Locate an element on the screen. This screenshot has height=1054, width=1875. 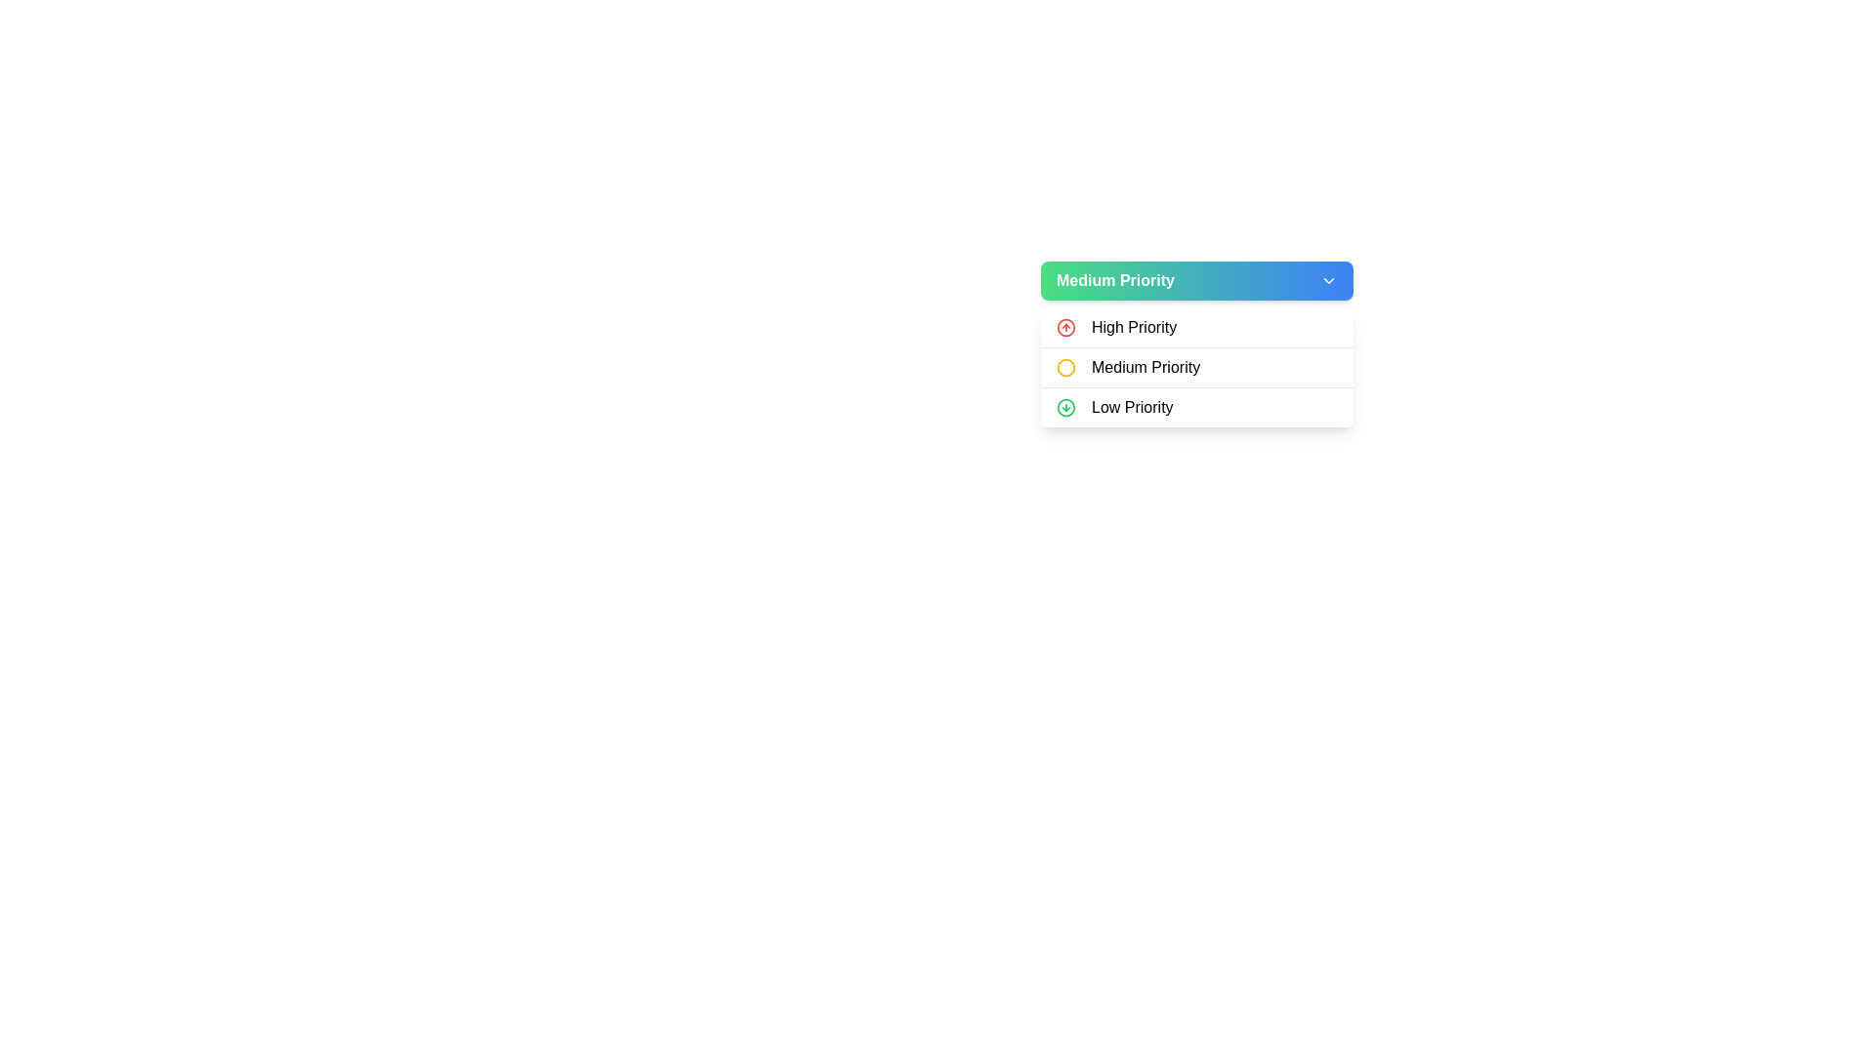
the 'High Priority' menu item in the dropdown to activate its hover effect is located at coordinates (1195, 326).